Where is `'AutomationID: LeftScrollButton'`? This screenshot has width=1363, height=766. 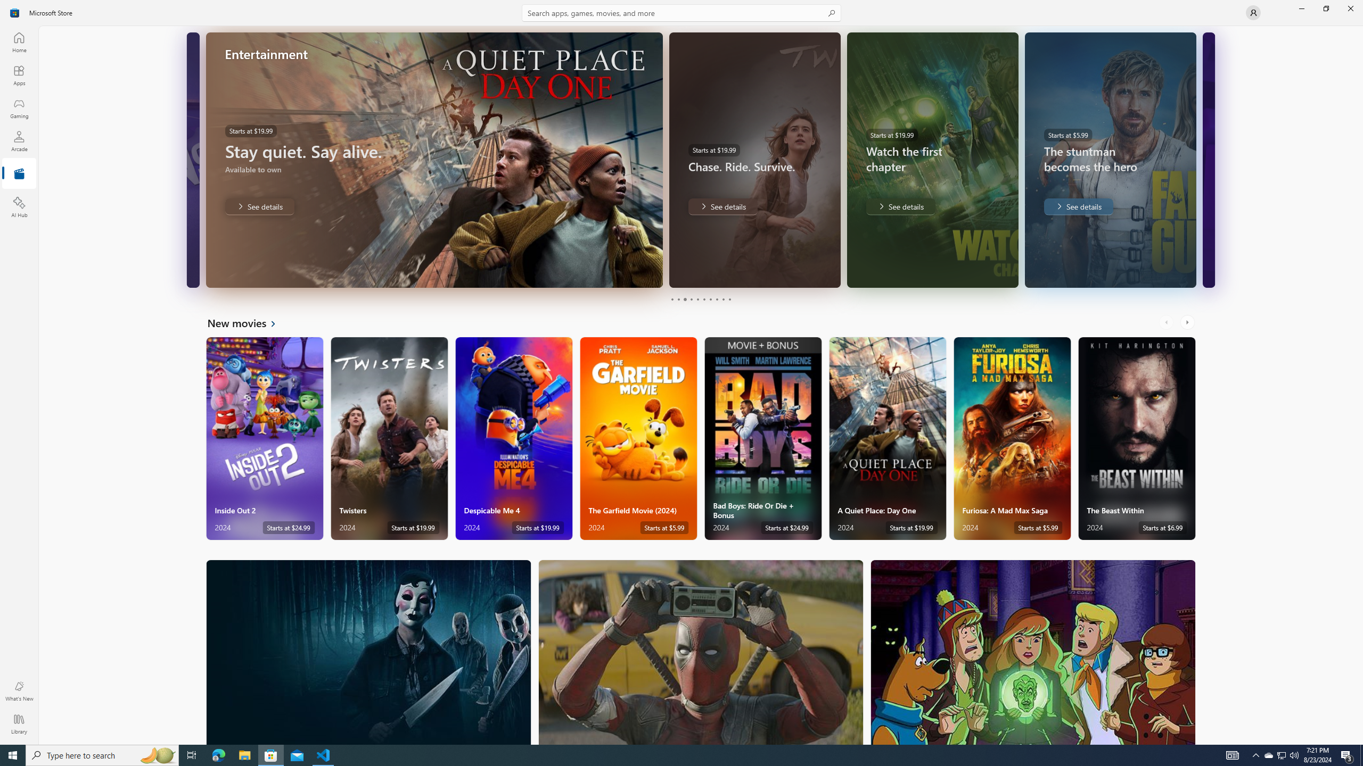 'AutomationID: LeftScrollButton' is located at coordinates (1167, 322).